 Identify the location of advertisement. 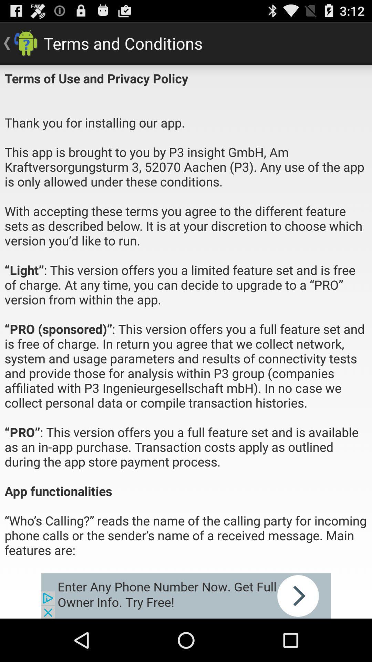
(186, 595).